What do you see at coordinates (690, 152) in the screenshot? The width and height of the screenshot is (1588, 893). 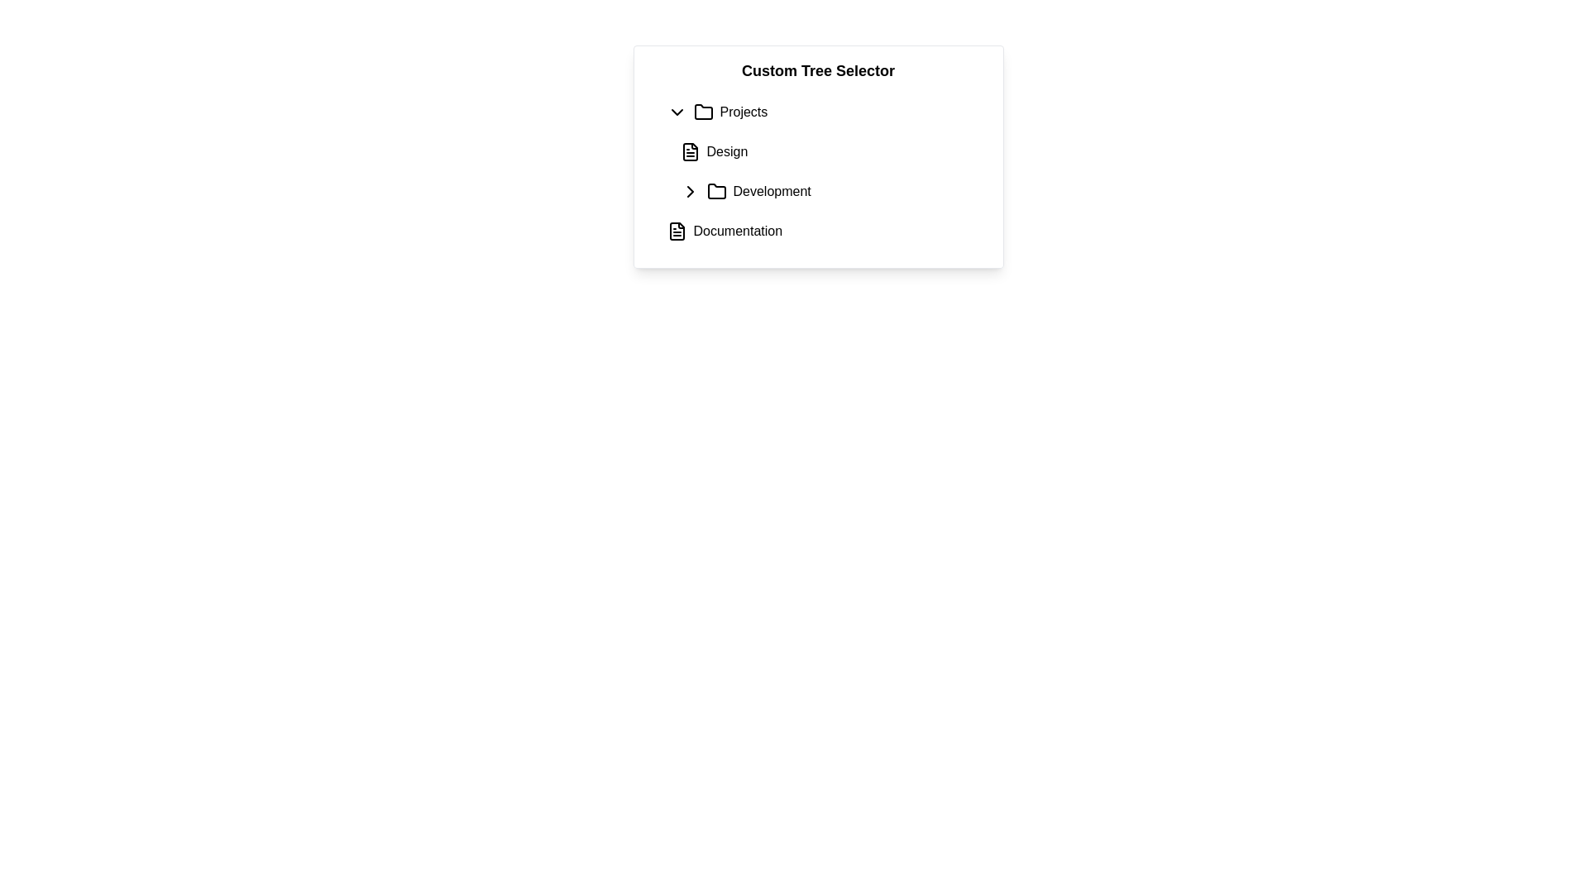 I see `the stylized document icon located to the left of the 'Design' text label in the horizontal layout` at bounding box center [690, 152].